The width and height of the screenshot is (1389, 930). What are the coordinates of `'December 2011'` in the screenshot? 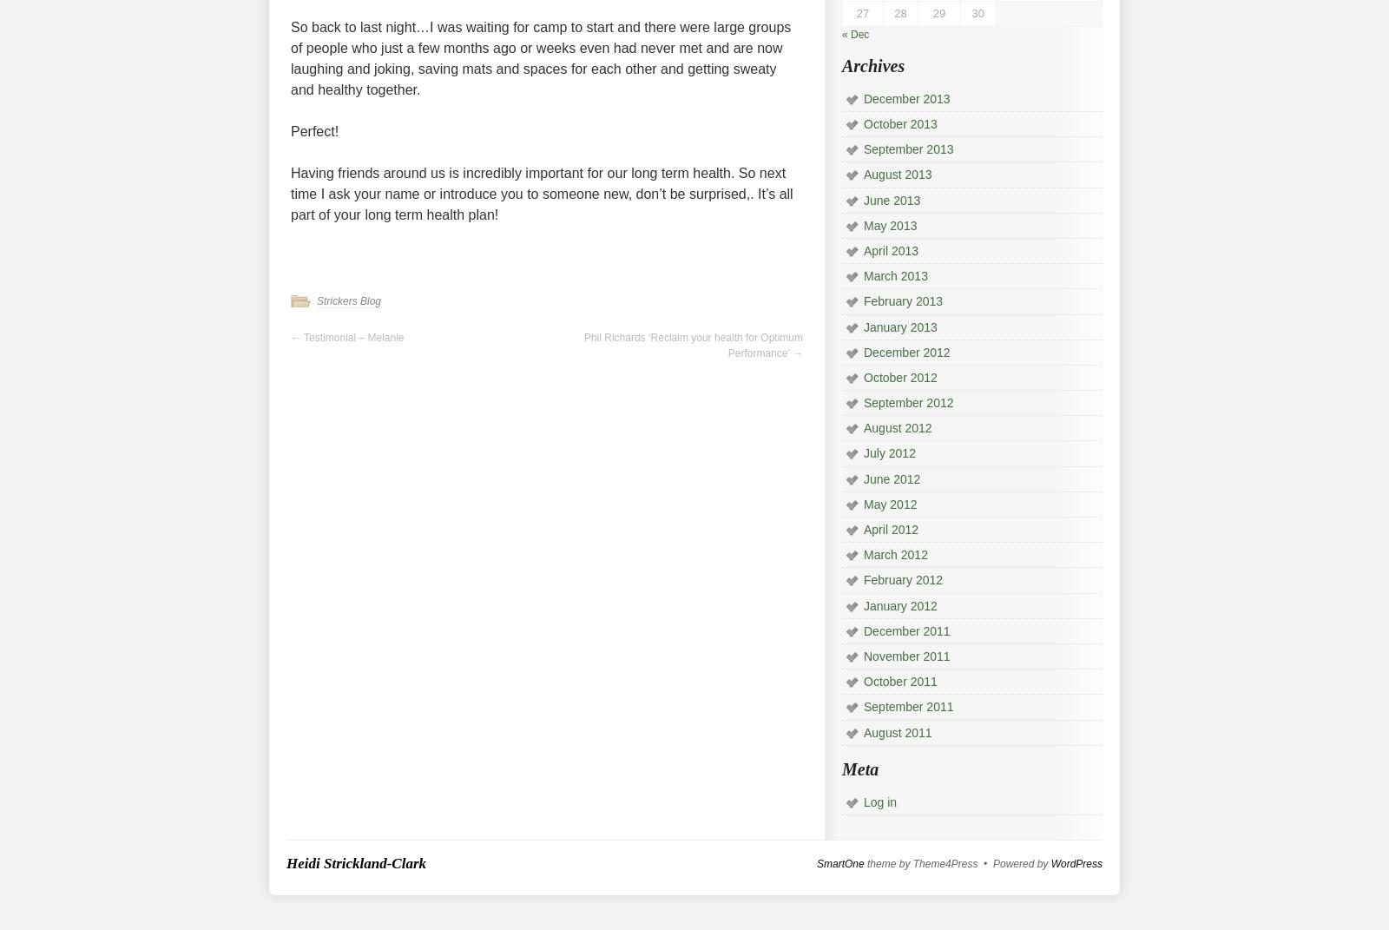 It's located at (863, 630).